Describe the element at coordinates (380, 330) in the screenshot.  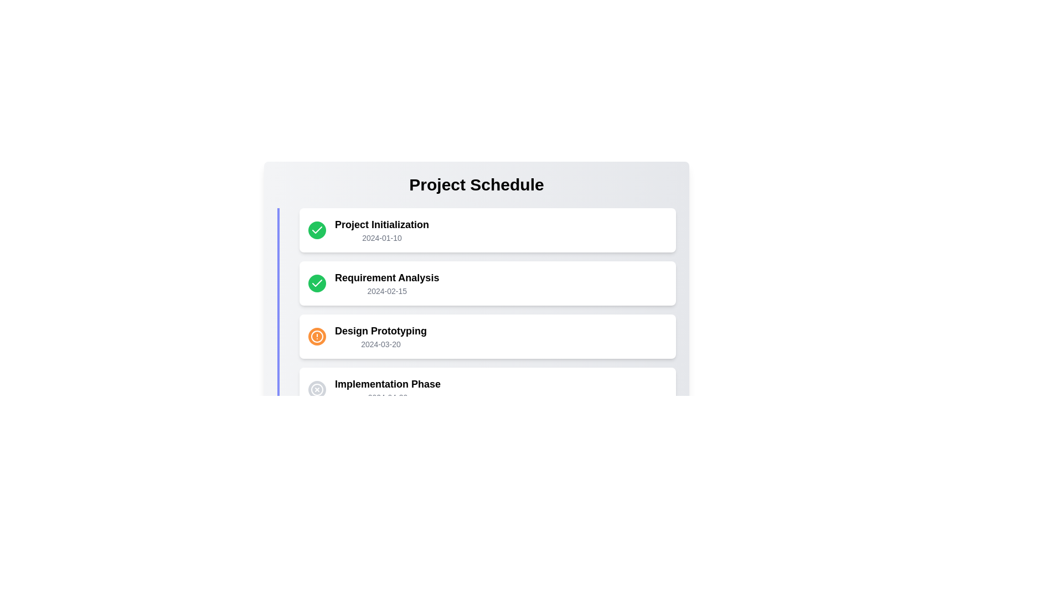
I see `the label element titled 'Design Prototyping', which is located above the date '2024-03-20' in the schedule` at that location.